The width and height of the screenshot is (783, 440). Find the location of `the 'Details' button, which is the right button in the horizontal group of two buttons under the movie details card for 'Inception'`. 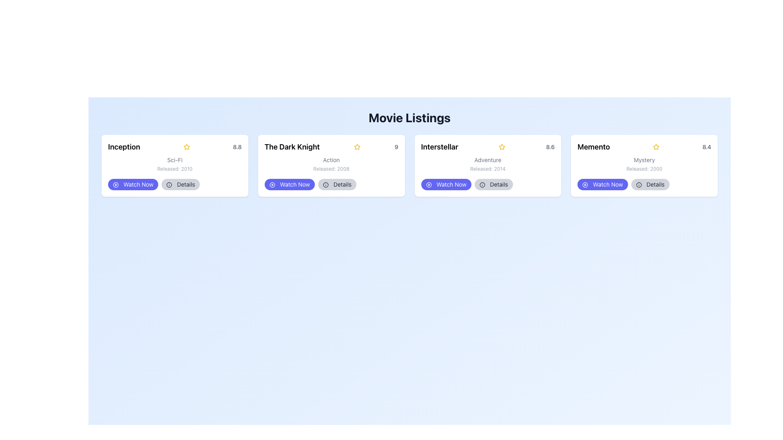

the 'Details' button, which is the right button in the horizontal group of two buttons under the movie details card for 'Inception' is located at coordinates (174, 184).